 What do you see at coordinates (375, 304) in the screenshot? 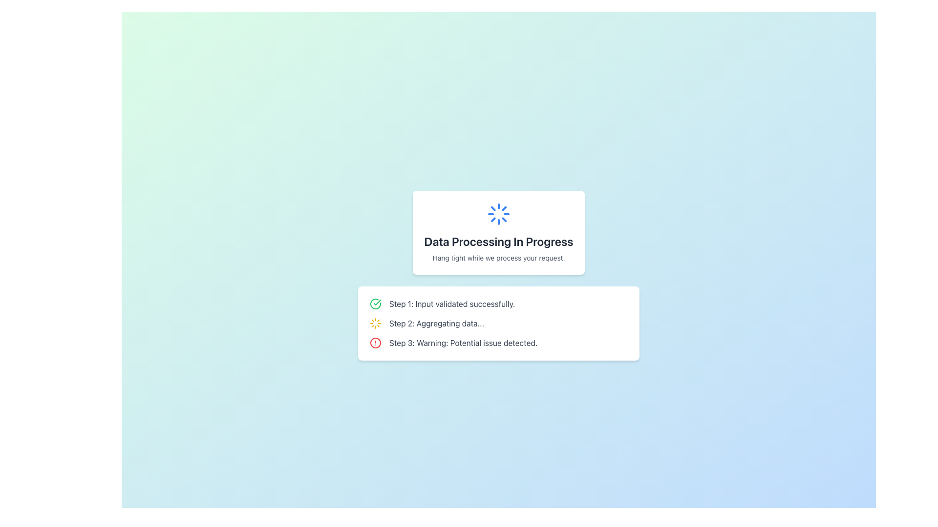
I see `the success icon indicating the completion of Step 1, which is located to the left of the text 'Step 1: Input validated successfully.'` at bounding box center [375, 304].